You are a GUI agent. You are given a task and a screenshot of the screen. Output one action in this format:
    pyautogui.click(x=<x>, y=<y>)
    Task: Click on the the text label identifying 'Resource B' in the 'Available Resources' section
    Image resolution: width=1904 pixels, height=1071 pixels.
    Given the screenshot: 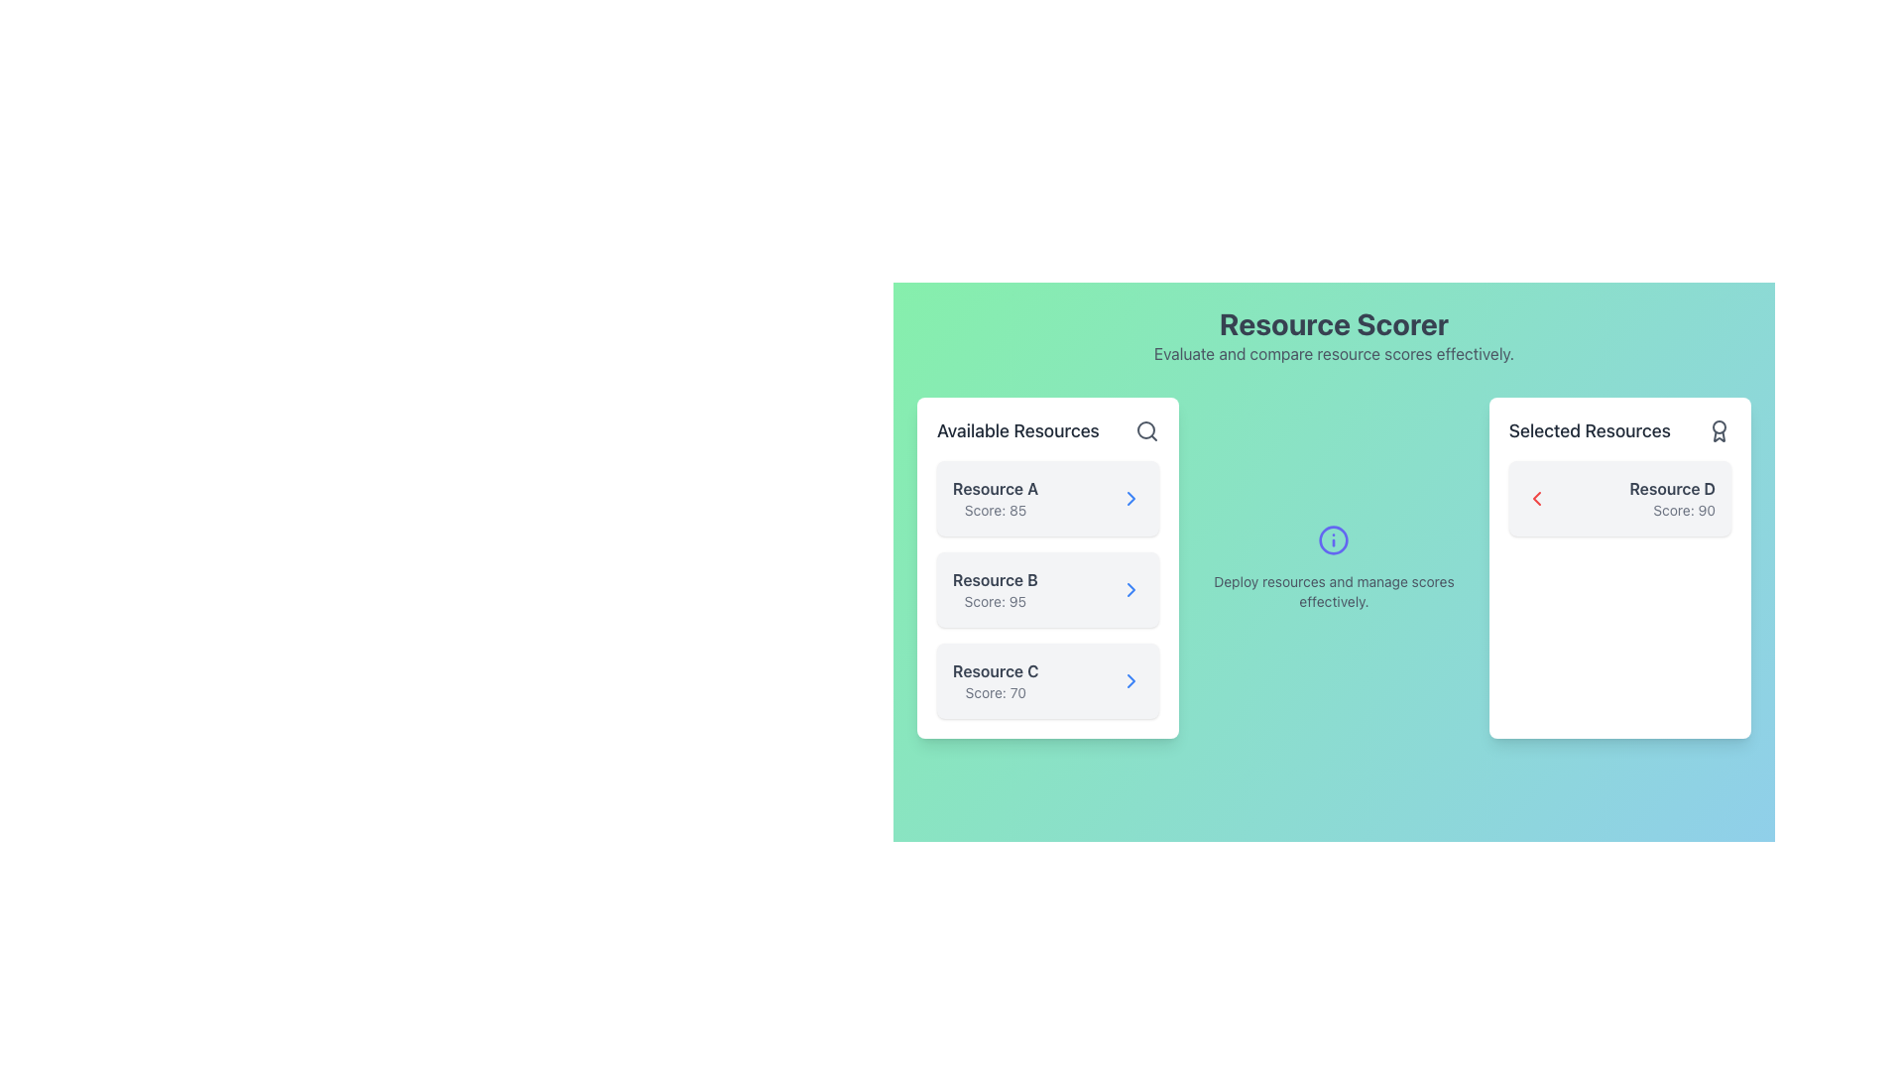 What is the action you would take?
    pyautogui.click(x=995, y=580)
    